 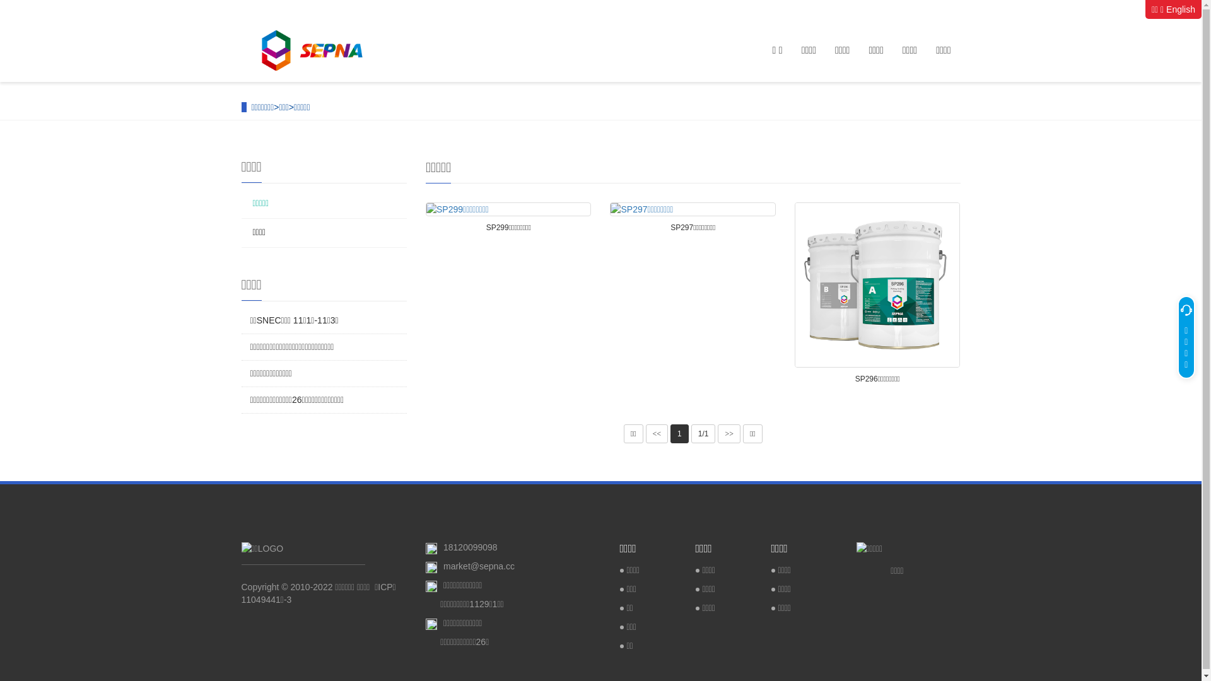 I want to click on '1', so click(x=679, y=433).